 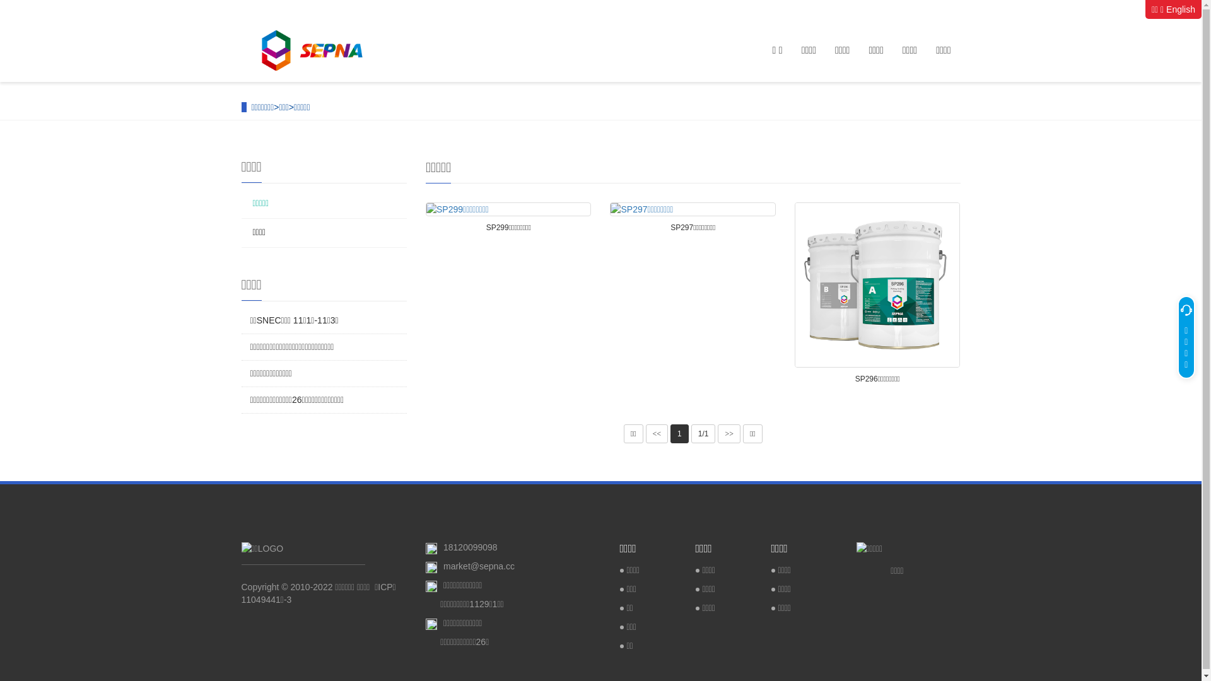 I want to click on '1', so click(x=679, y=433).